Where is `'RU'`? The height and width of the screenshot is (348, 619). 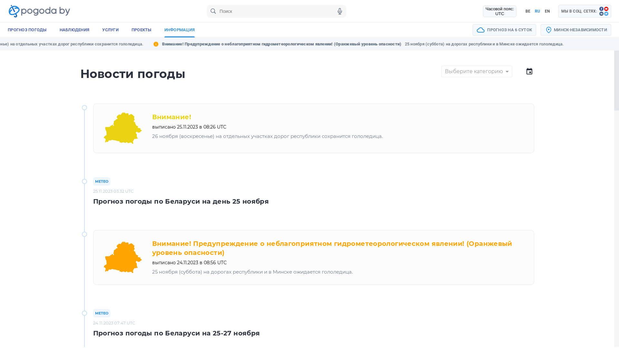
'RU' is located at coordinates (537, 11).